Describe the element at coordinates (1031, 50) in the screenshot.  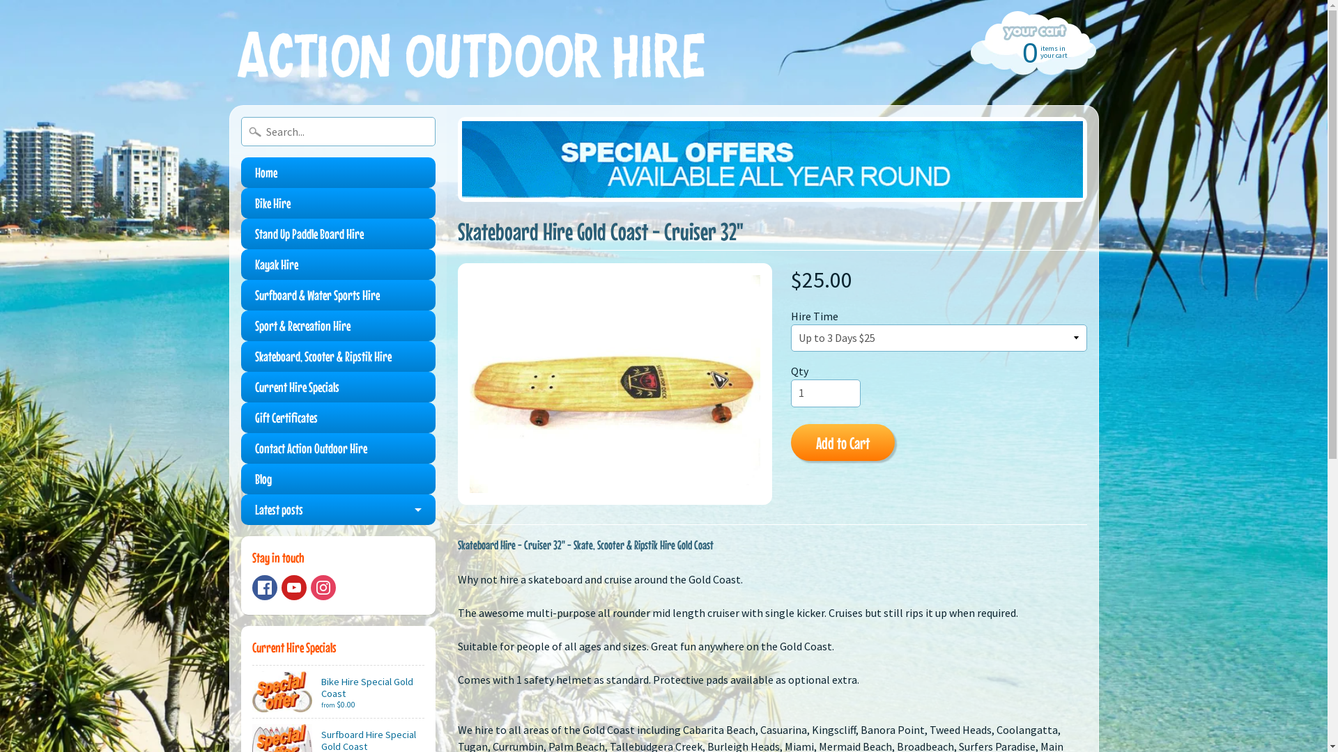
I see `'0` at that location.